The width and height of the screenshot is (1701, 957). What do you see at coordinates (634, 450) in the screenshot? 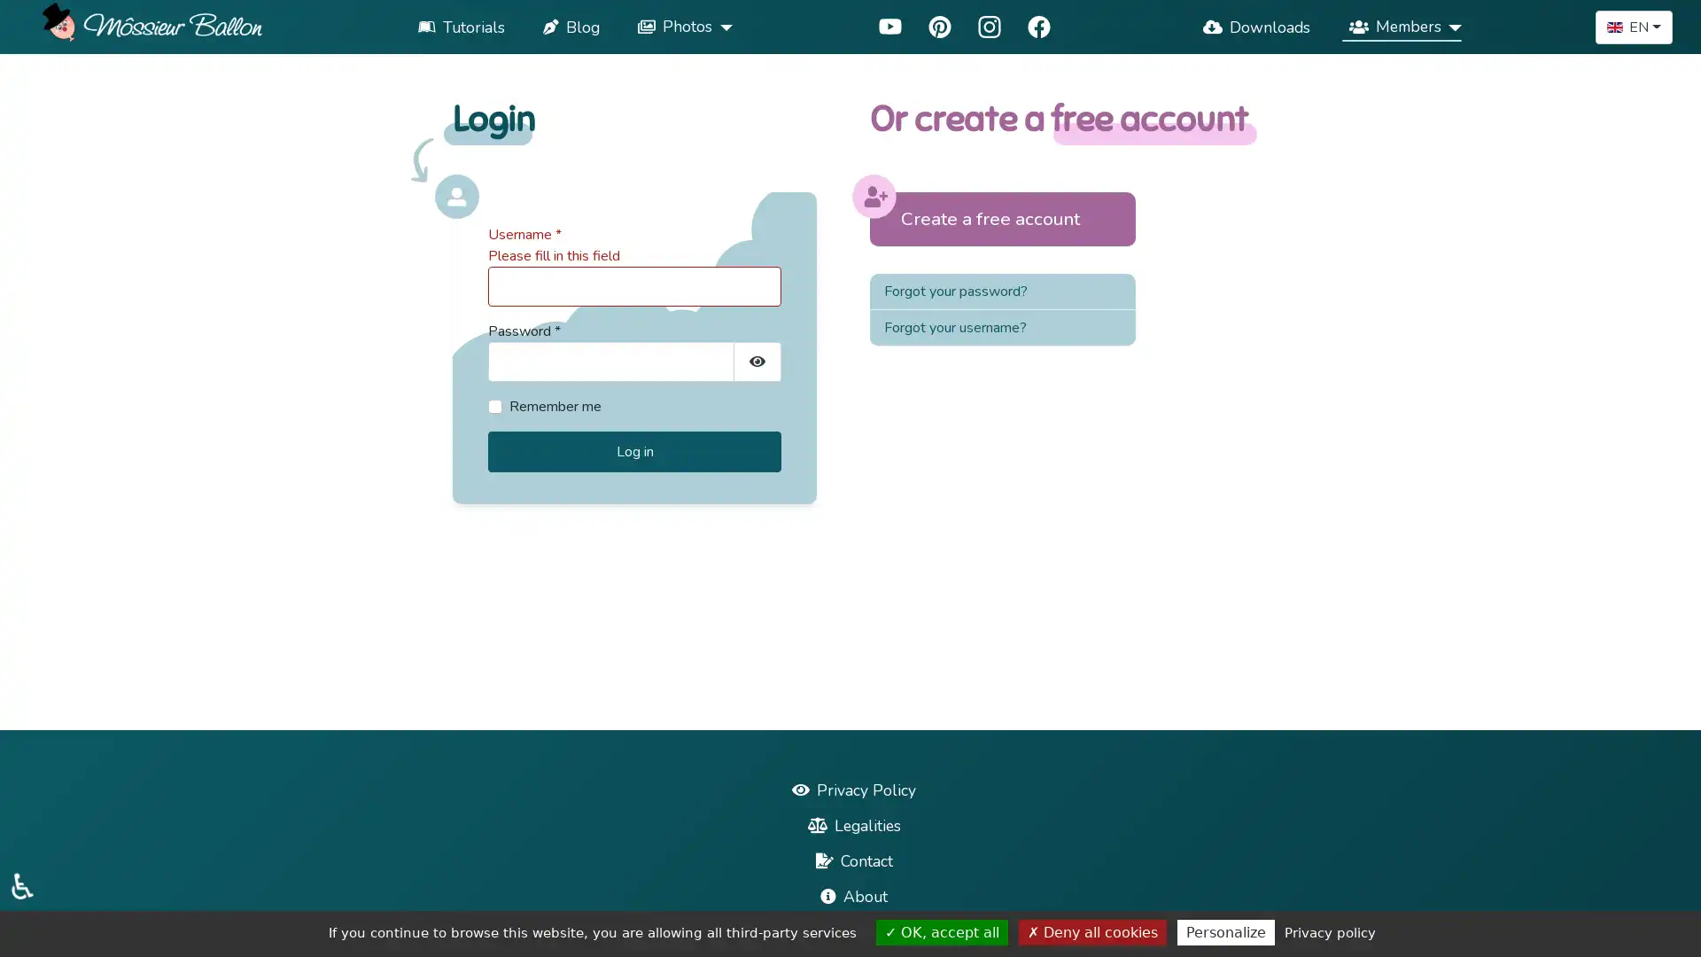
I see `Log in` at bounding box center [634, 450].